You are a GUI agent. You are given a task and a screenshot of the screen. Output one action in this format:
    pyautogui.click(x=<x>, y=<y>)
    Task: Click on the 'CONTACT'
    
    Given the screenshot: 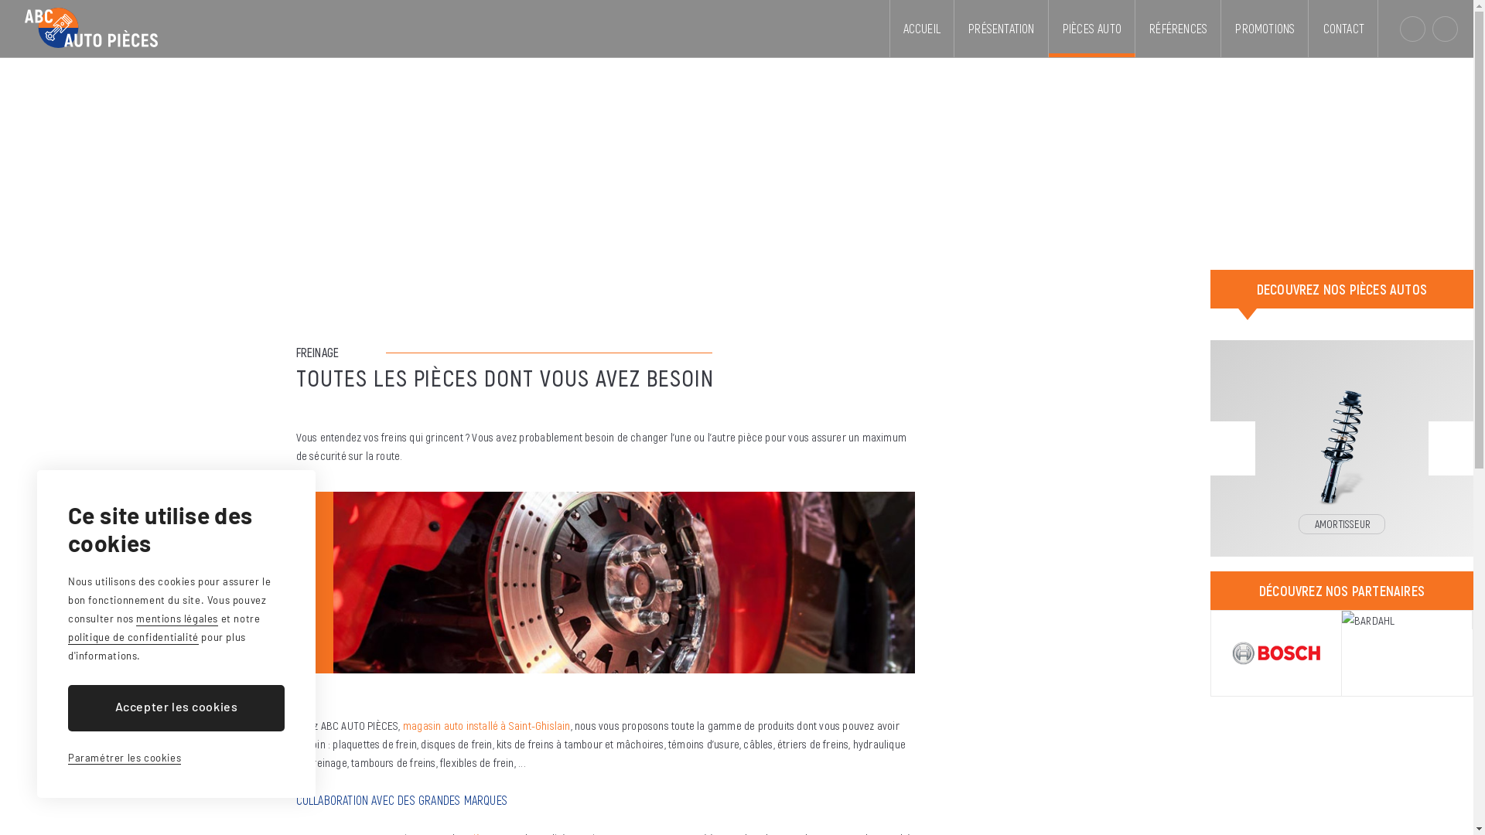 What is the action you would take?
    pyautogui.click(x=1343, y=29)
    